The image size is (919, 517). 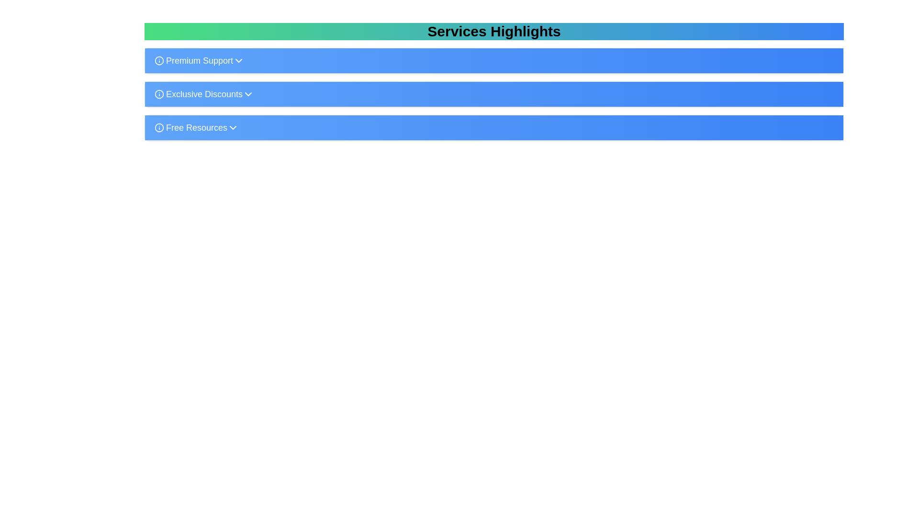 What do you see at coordinates (204, 94) in the screenshot?
I see `the Text Label that indicates exclusive discount offerings, positioned in the second row of three similar sections between 'Premium Support' and 'Free Resources'` at bounding box center [204, 94].